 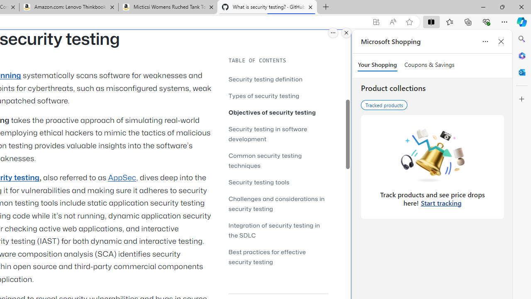 I want to click on 'Security testing tools', so click(x=258, y=181).